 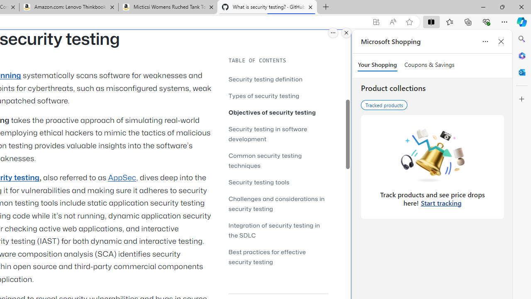 I want to click on 'Security testing tools', so click(x=258, y=181).